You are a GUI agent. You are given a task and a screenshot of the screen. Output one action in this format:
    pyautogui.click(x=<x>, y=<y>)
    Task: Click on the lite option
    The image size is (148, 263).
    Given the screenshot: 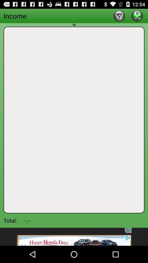 What is the action you would take?
    pyautogui.click(x=119, y=15)
    